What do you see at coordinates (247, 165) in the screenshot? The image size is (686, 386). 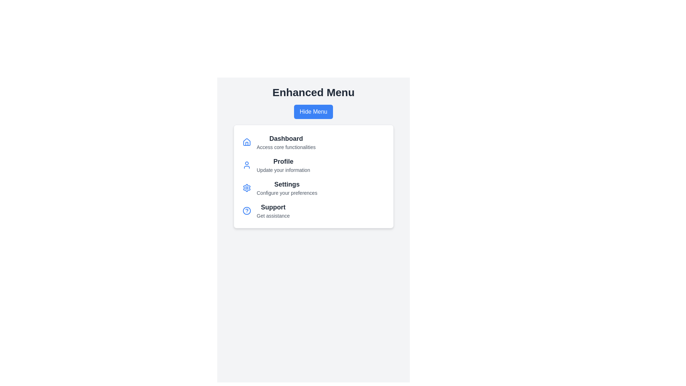 I see `the icon of the menu item labeled Profile` at bounding box center [247, 165].